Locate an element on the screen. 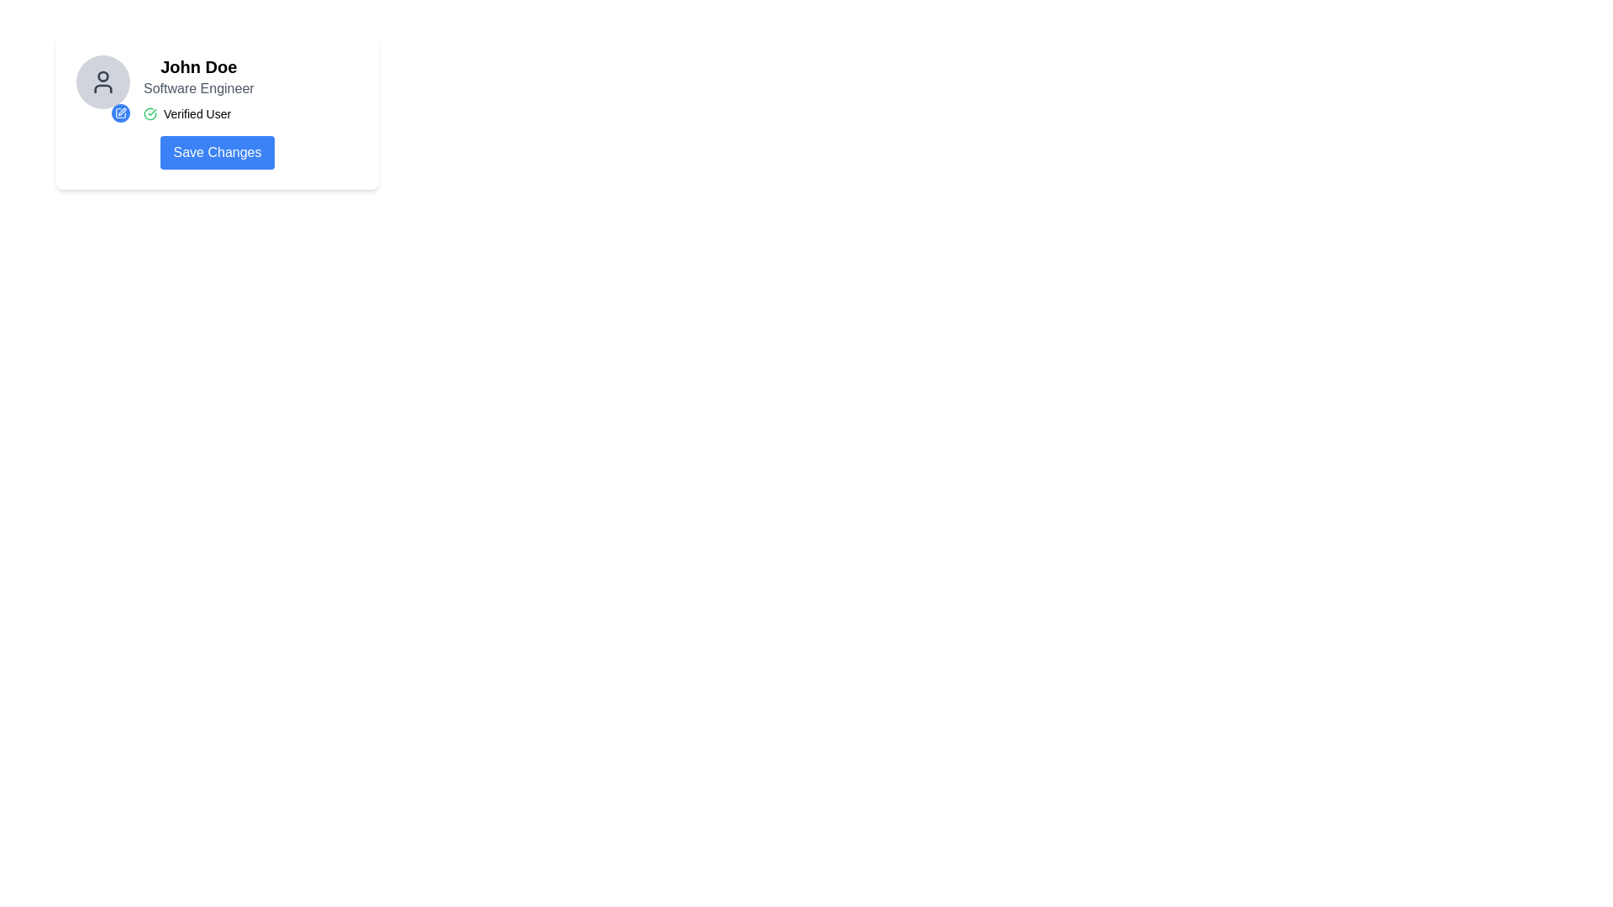 This screenshot has width=1613, height=907. the lower section of the user icon, which resembles shoulders or an upper body base, located in the top-left portion of the visible card is located at coordinates (102, 88).